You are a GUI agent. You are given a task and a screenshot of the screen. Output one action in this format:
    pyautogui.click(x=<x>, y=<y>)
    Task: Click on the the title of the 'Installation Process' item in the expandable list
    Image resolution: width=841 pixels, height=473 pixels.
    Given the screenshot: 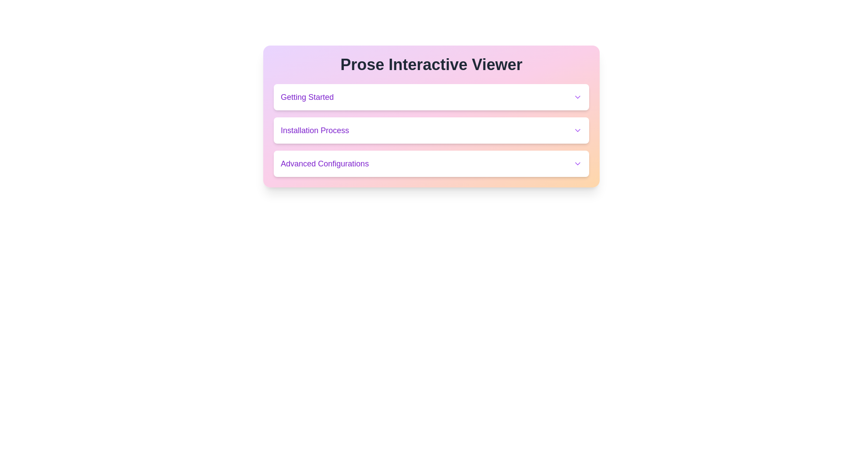 What is the action you would take?
    pyautogui.click(x=431, y=130)
    